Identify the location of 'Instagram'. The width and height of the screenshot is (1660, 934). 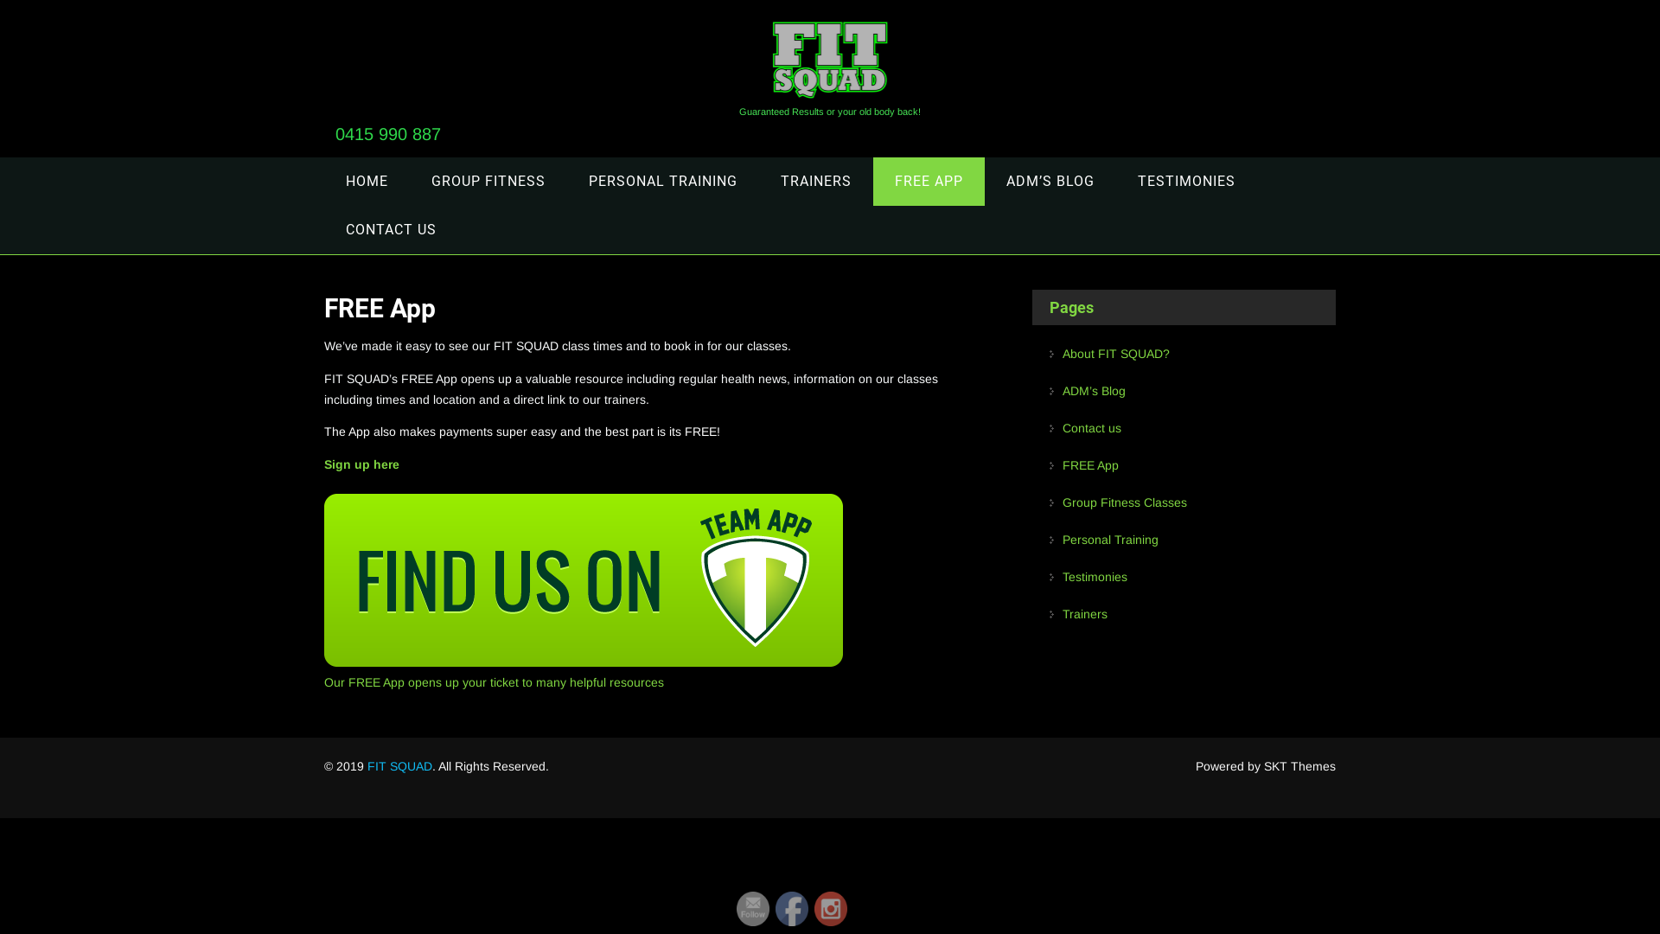
(830, 907).